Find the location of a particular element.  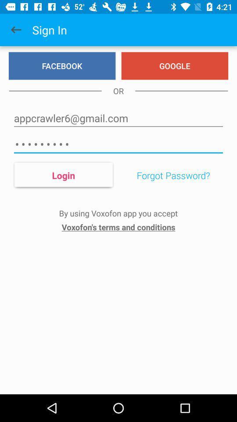

the icon below crowd3116 is located at coordinates (63, 175).